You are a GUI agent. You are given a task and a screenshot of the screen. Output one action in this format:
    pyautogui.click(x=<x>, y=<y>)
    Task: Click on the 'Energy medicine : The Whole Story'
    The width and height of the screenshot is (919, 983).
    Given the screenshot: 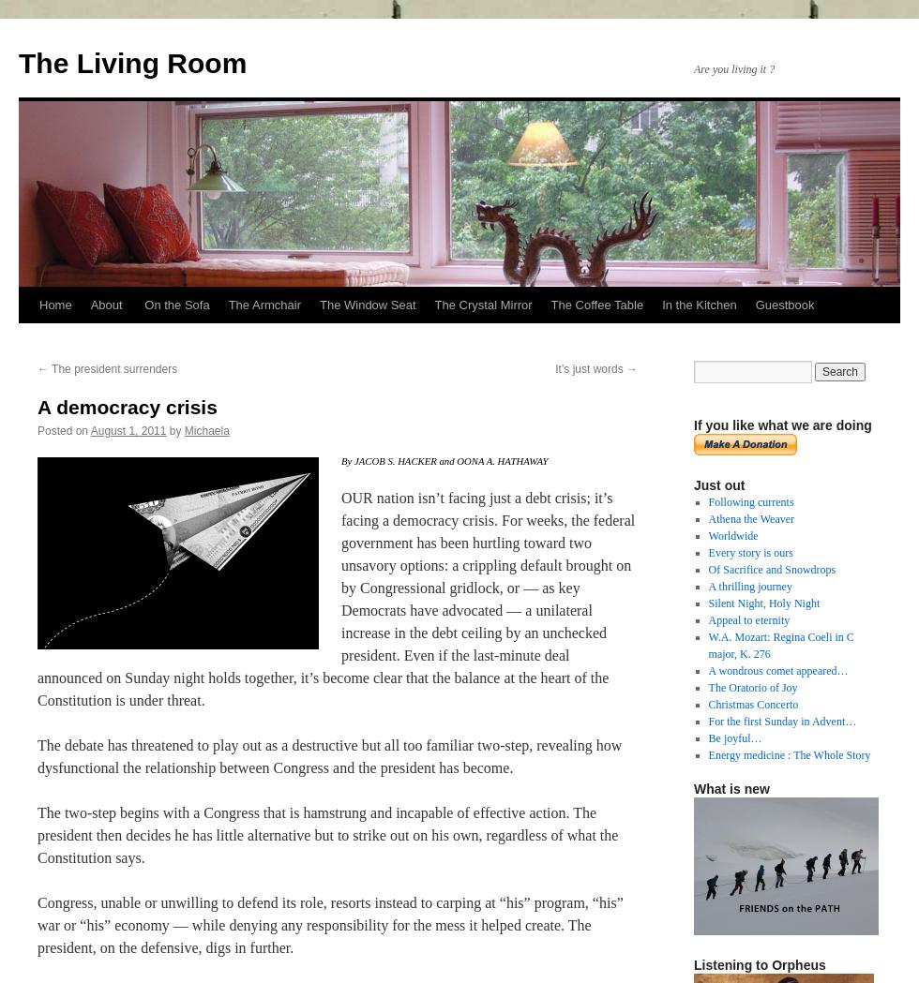 What is the action you would take?
    pyautogui.click(x=707, y=755)
    